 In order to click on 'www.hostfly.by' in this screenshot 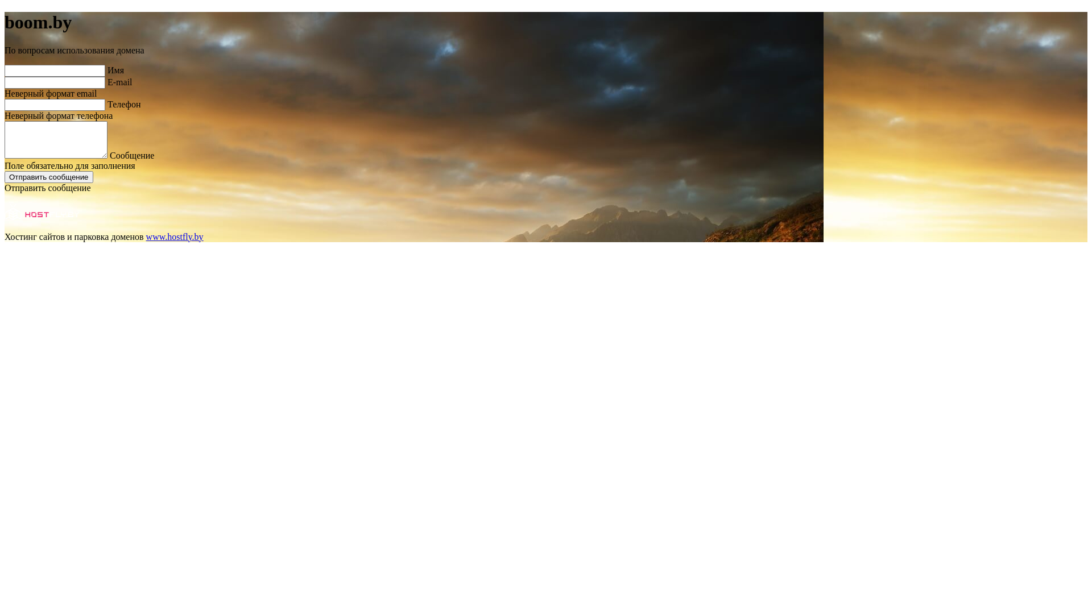, I will do `click(174, 236)`.